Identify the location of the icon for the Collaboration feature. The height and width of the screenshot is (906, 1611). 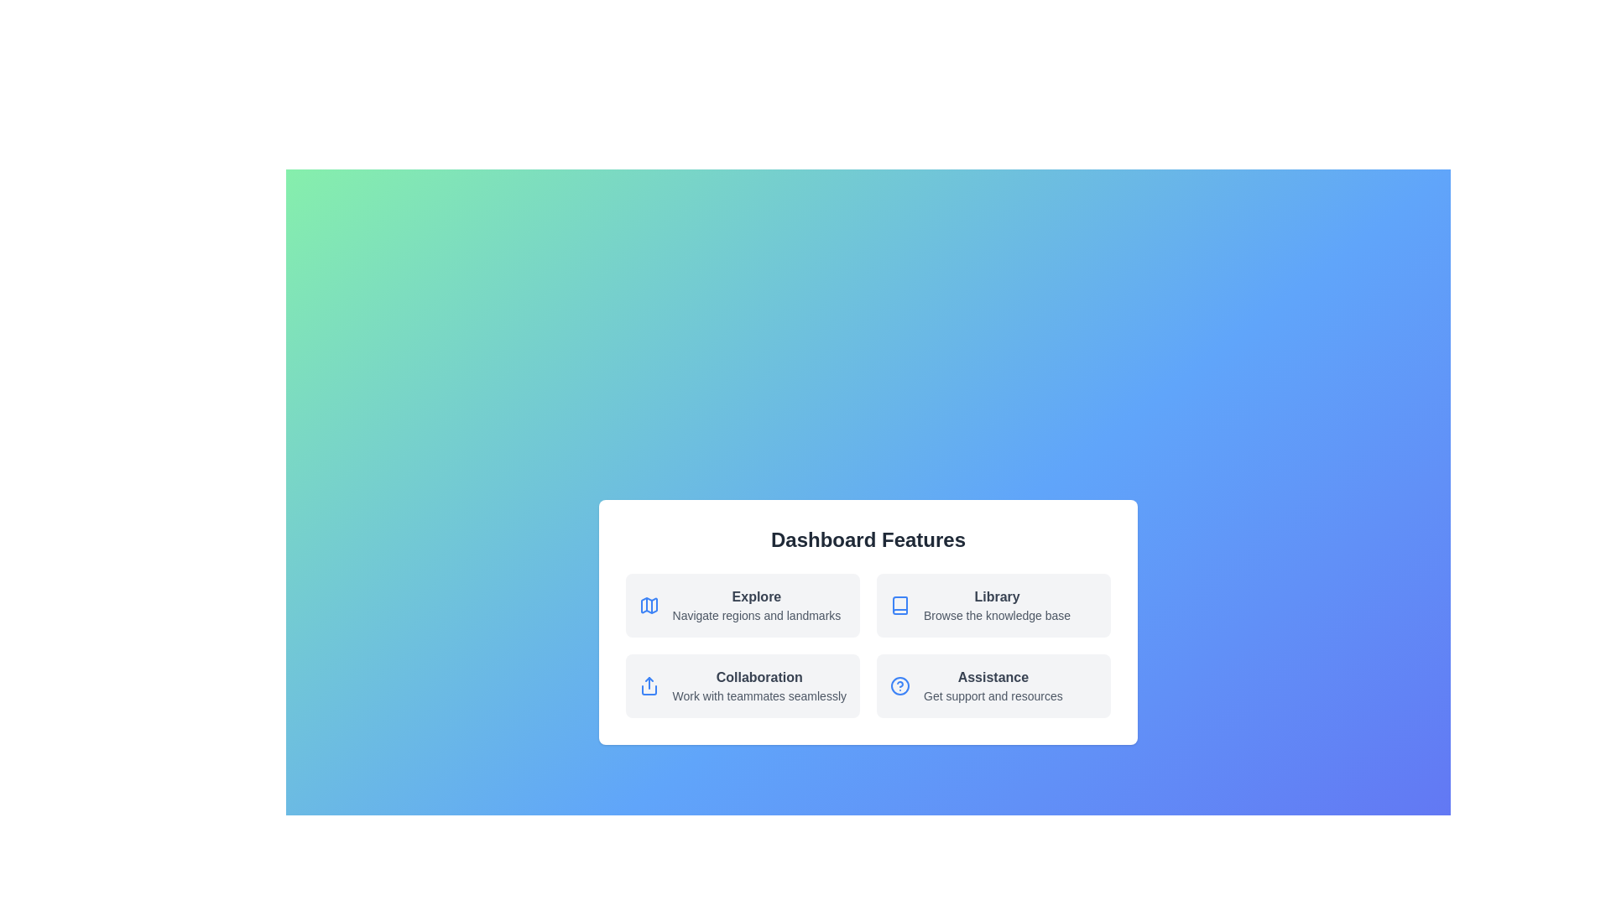
(647, 685).